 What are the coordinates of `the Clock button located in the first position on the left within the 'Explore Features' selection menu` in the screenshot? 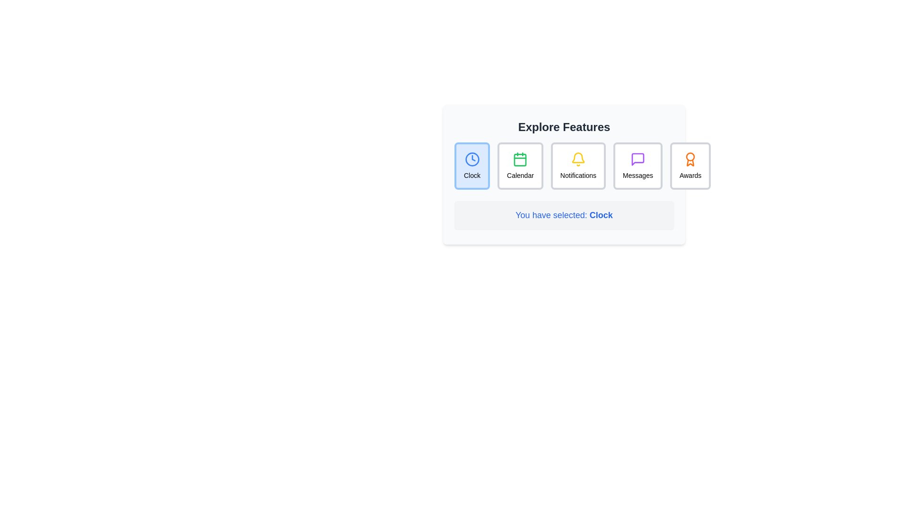 It's located at (472, 166).